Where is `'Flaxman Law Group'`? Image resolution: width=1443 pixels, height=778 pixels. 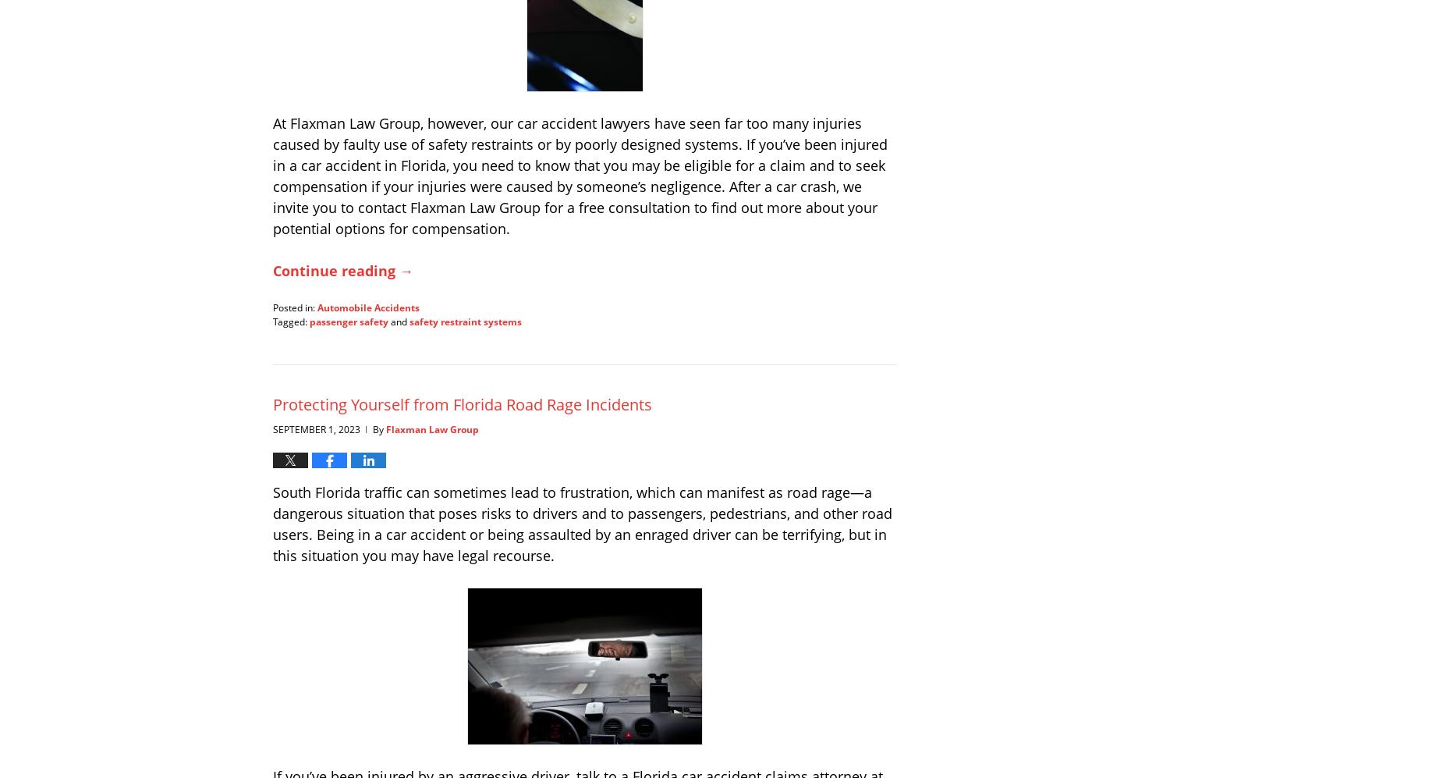
'Flaxman Law Group' is located at coordinates (432, 428).